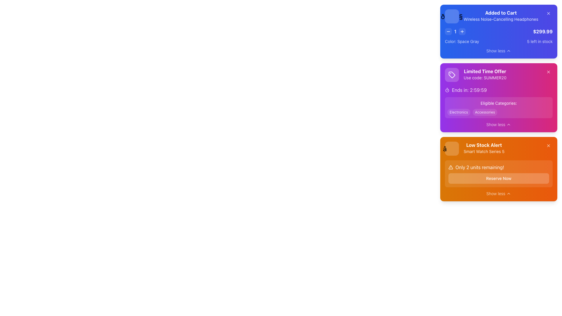 The image size is (562, 316). I want to click on the timer icon located to the left of the text 'Ends in: 2:59:59' within the orange rectangular notification card titled 'Limited Time Offer.', so click(447, 90).